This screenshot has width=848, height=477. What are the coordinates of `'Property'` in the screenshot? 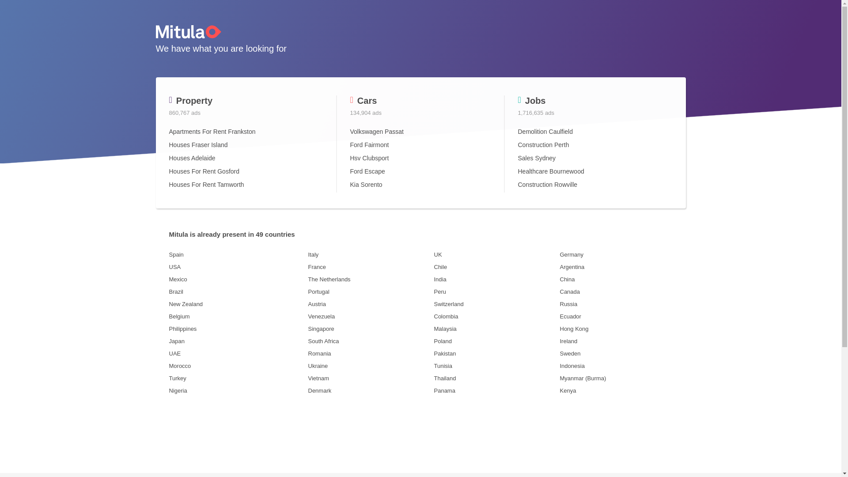 It's located at (190, 100).